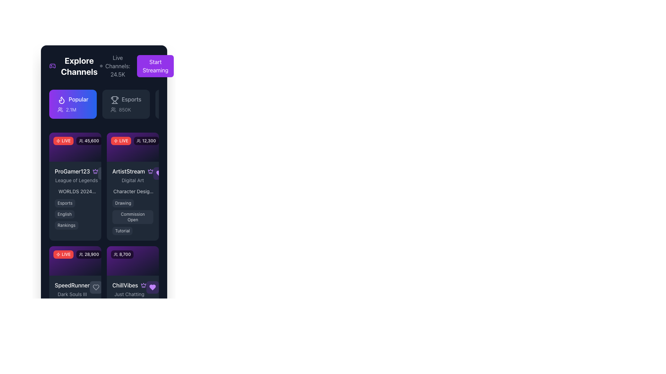 Image resolution: width=666 pixels, height=374 pixels. Describe the element at coordinates (159, 173) in the screenshot. I see `the heart-shaped icon located in the upper-right corner of the 'ArtistStream' card` at that location.